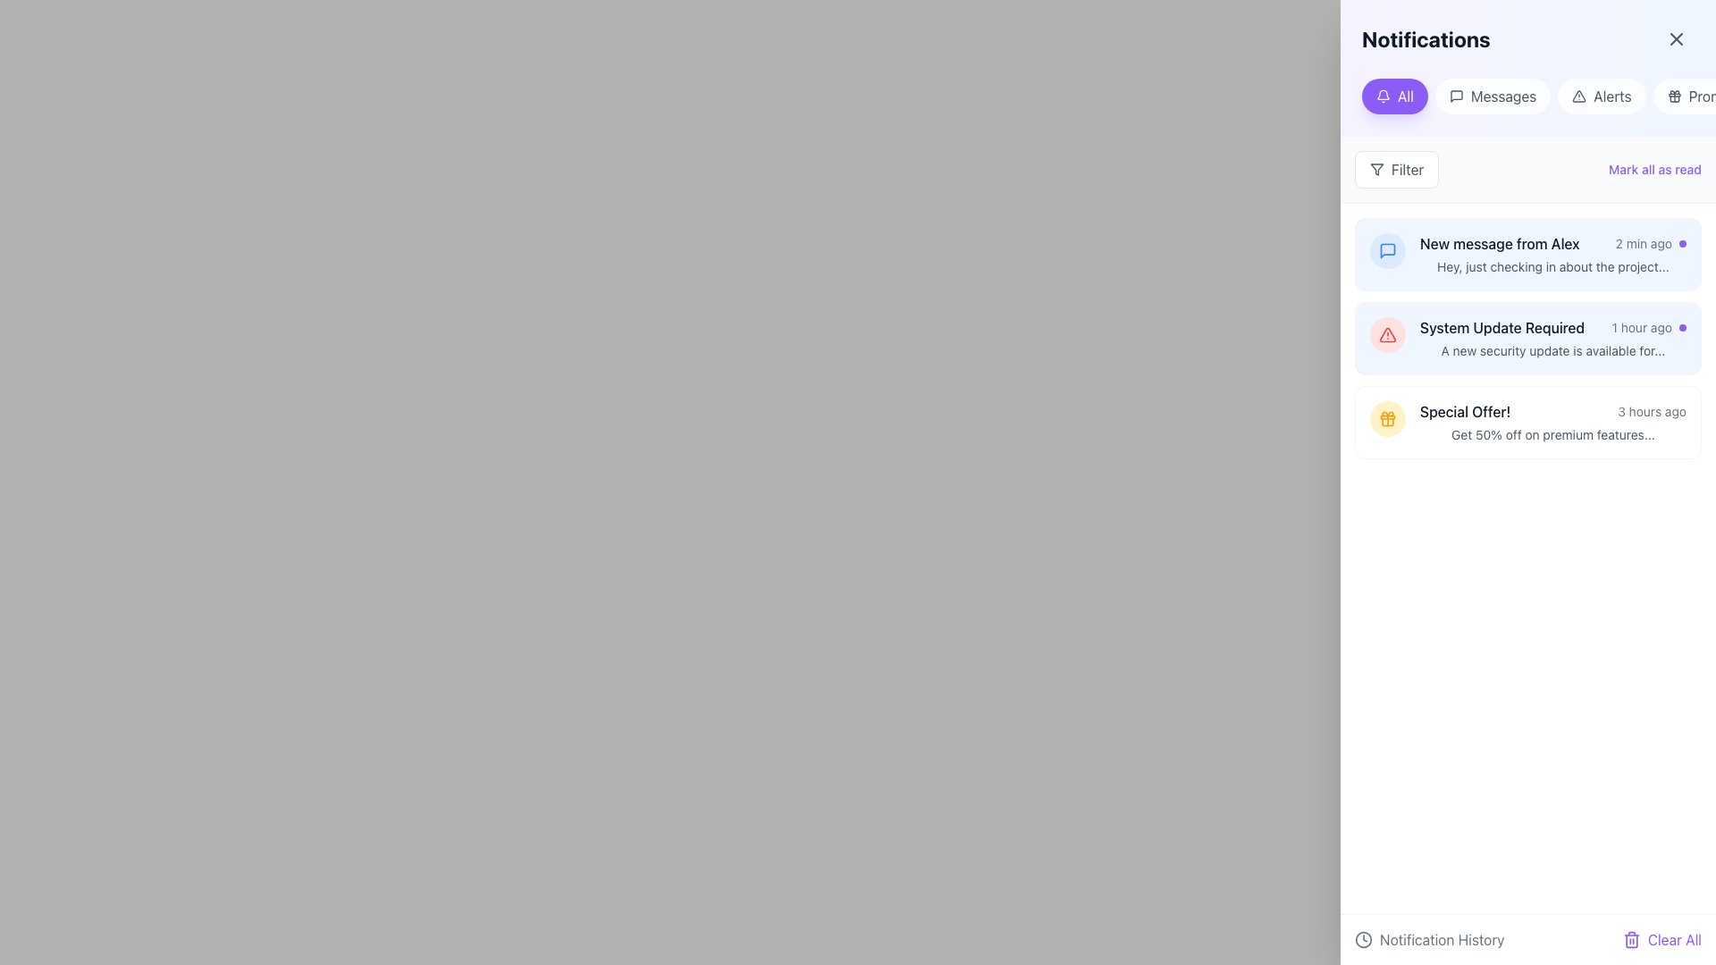 The width and height of the screenshot is (1716, 965). I want to click on text label 'All' located inside a prominent purple button near the top-right corner of the interface, next to the bell icon, to understand the selected filter, so click(1405, 96).